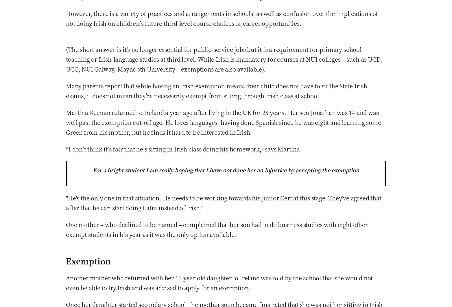 Image resolution: width=452 pixels, height=307 pixels. I want to click on 'Exemption', so click(88, 261).